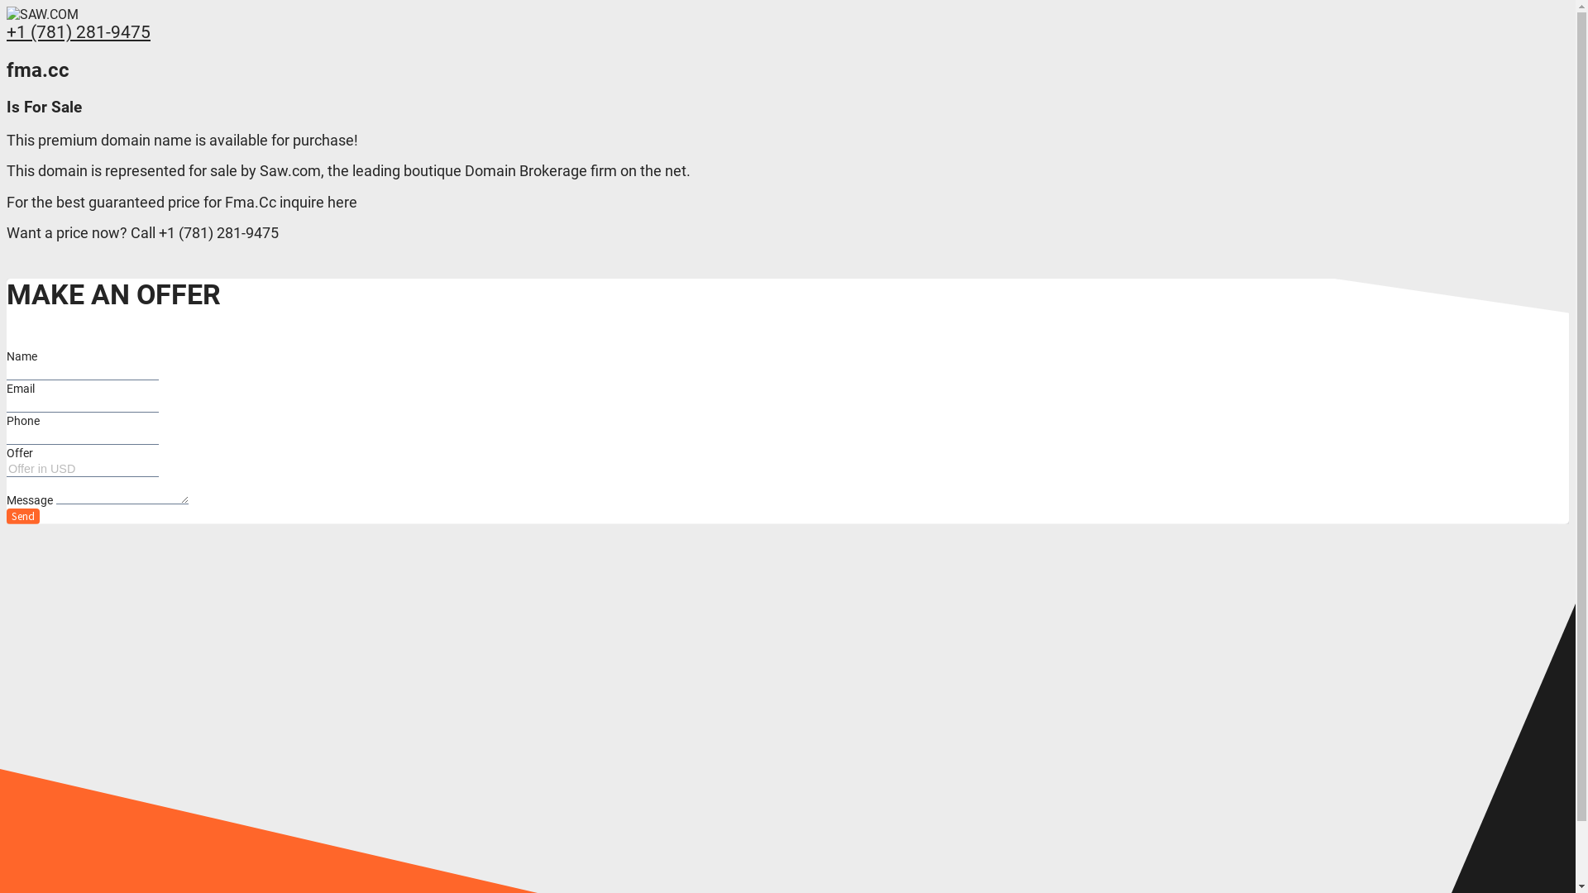 The width and height of the screenshot is (1588, 893). Describe the element at coordinates (78, 31) in the screenshot. I see `'+1 (781) 281-9475'` at that location.